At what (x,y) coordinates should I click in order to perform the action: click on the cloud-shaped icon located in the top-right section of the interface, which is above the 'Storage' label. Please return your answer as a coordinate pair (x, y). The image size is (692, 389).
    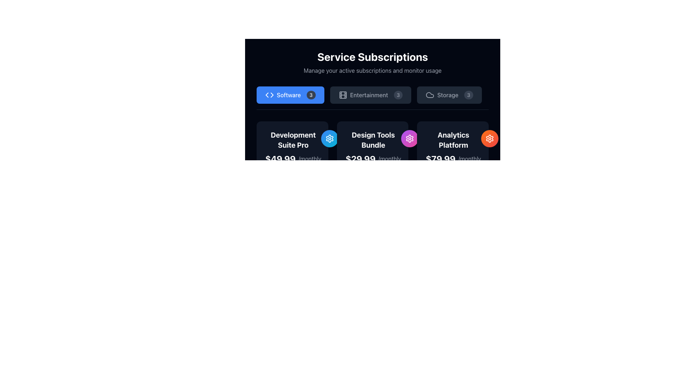
    Looking at the image, I should click on (430, 94).